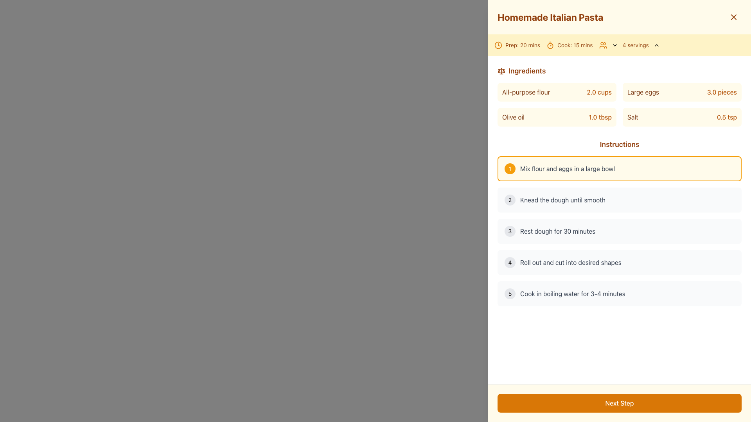 The image size is (751, 422). What do you see at coordinates (619, 262) in the screenshot?
I see `the fourth item in the ordered list of instructions` at bounding box center [619, 262].